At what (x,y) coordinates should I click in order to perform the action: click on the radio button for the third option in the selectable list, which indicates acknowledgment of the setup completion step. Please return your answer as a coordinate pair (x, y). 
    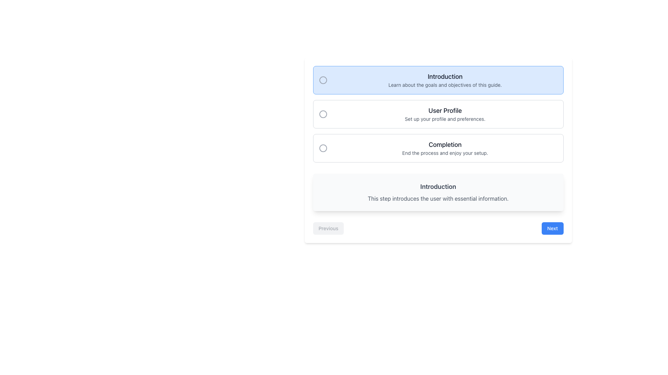
    Looking at the image, I should click on (438, 148).